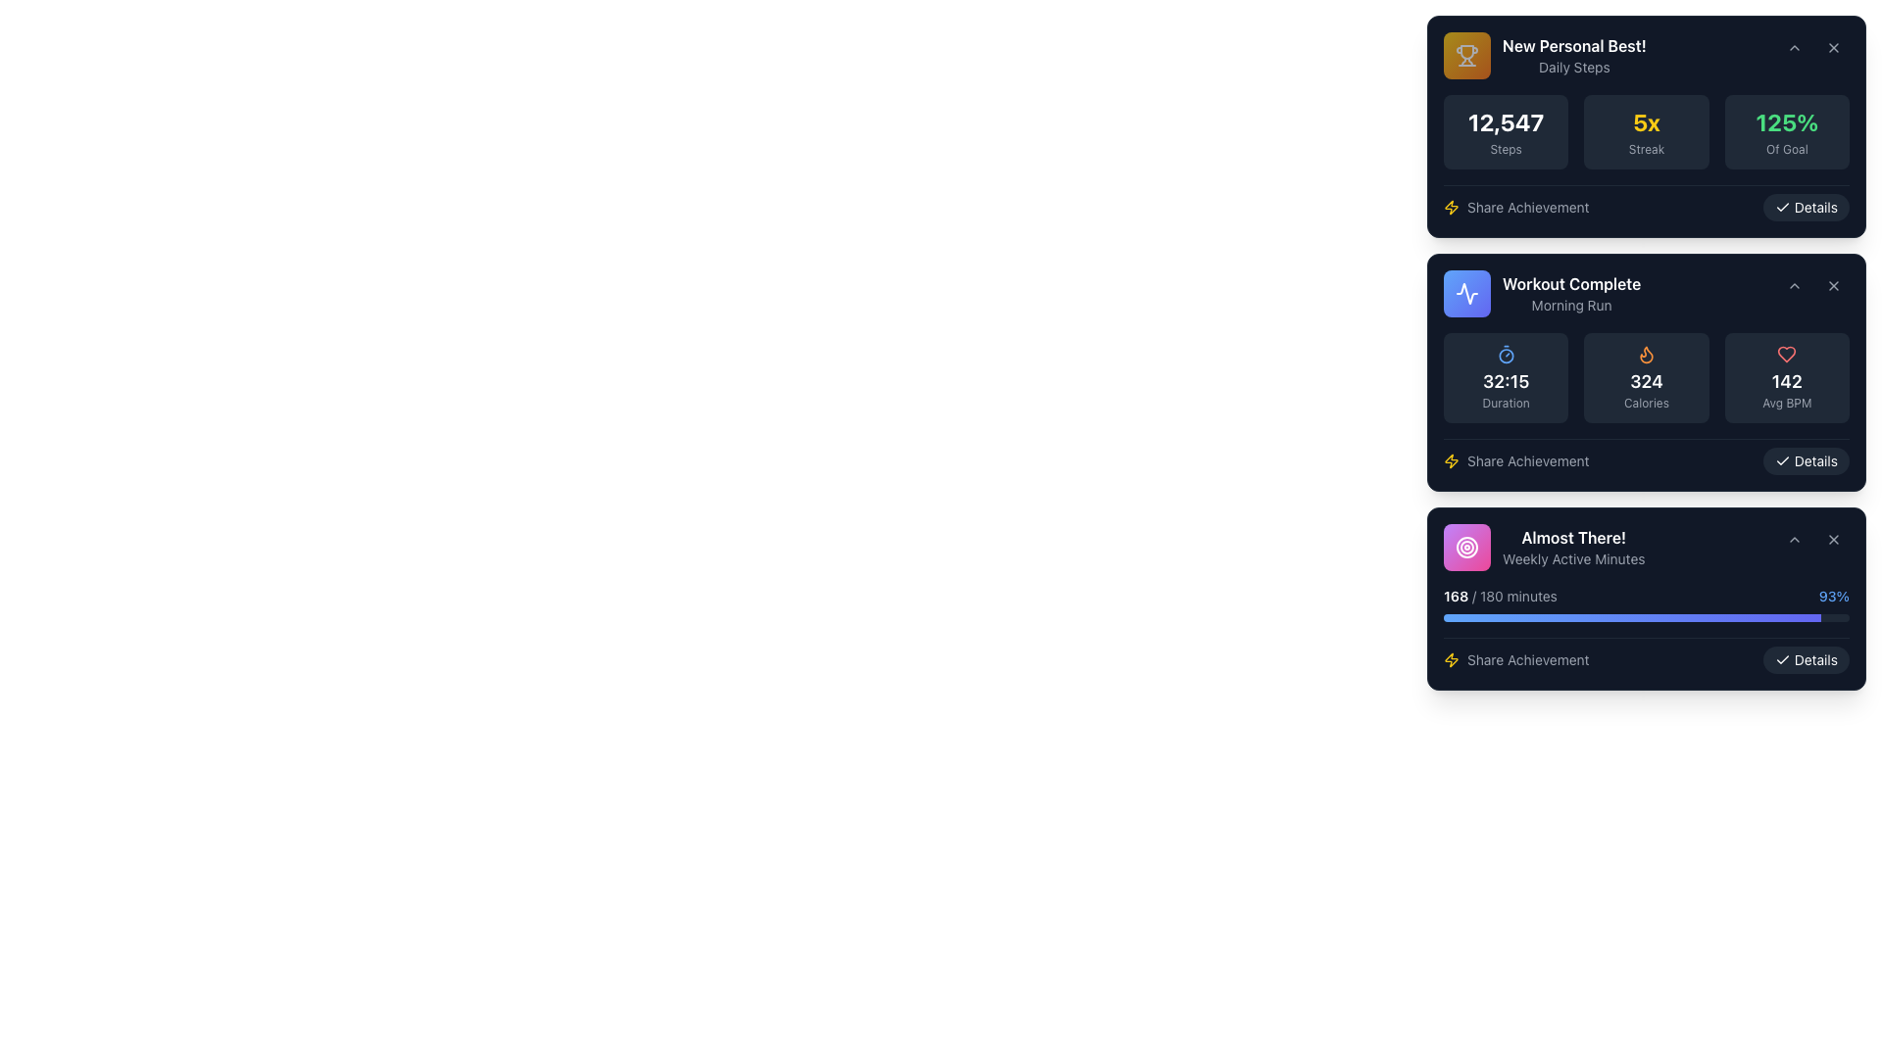  What do you see at coordinates (1467, 294) in the screenshot?
I see `the small wave icon representing the 'Workout Complete' section, located in the upper-left corner of the card, next to the text 'Workout Complete Morning Run.'` at bounding box center [1467, 294].